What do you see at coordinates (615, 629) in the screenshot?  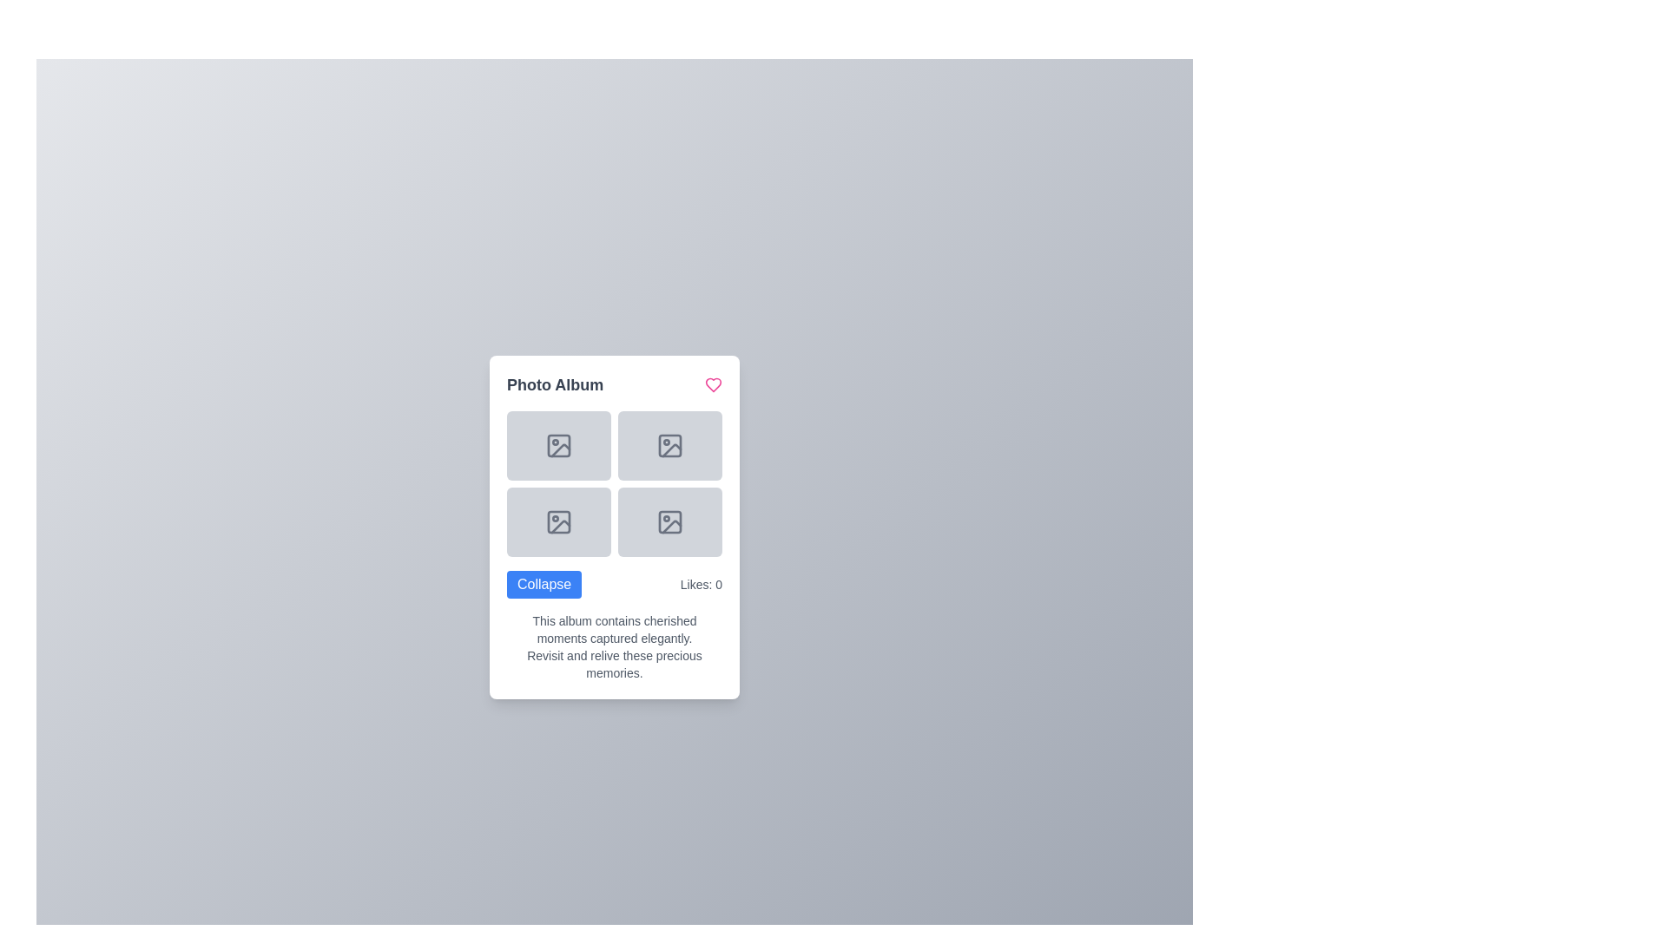 I see `static text block that says 'This album contains cherished moments captured elegantly.' It is styled in small gray font and located below a blue 'Collapse' button` at bounding box center [615, 629].